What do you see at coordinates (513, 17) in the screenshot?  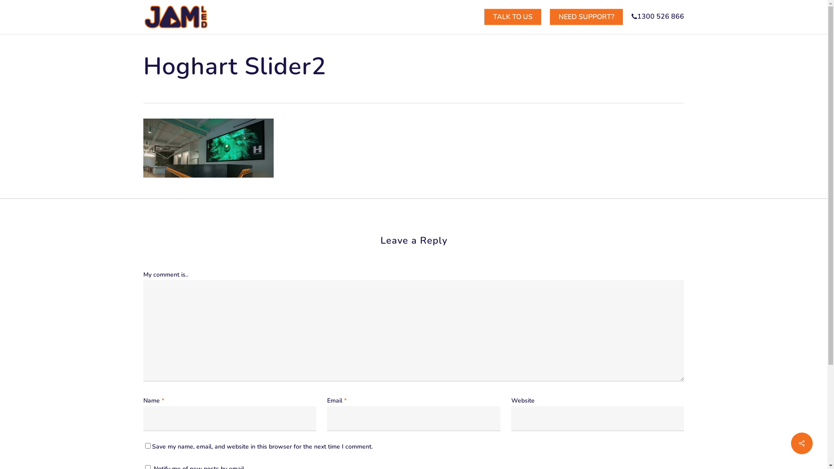 I see `'TALK TO US'` at bounding box center [513, 17].